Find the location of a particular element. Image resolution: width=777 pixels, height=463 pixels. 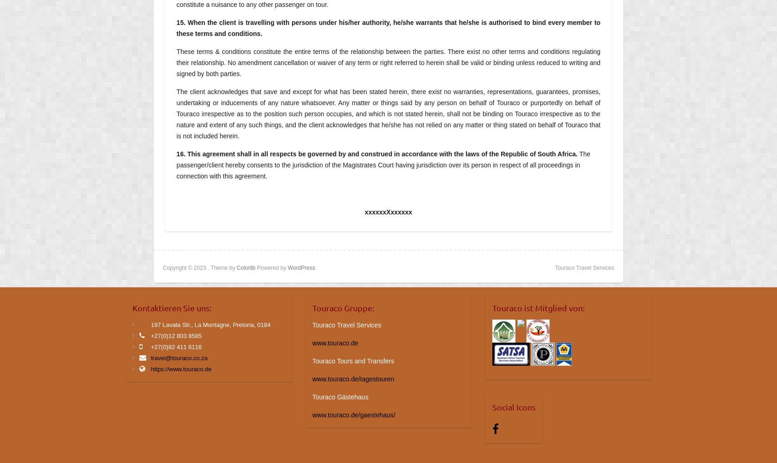

'Powered by' is located at coordinates (271, 267).